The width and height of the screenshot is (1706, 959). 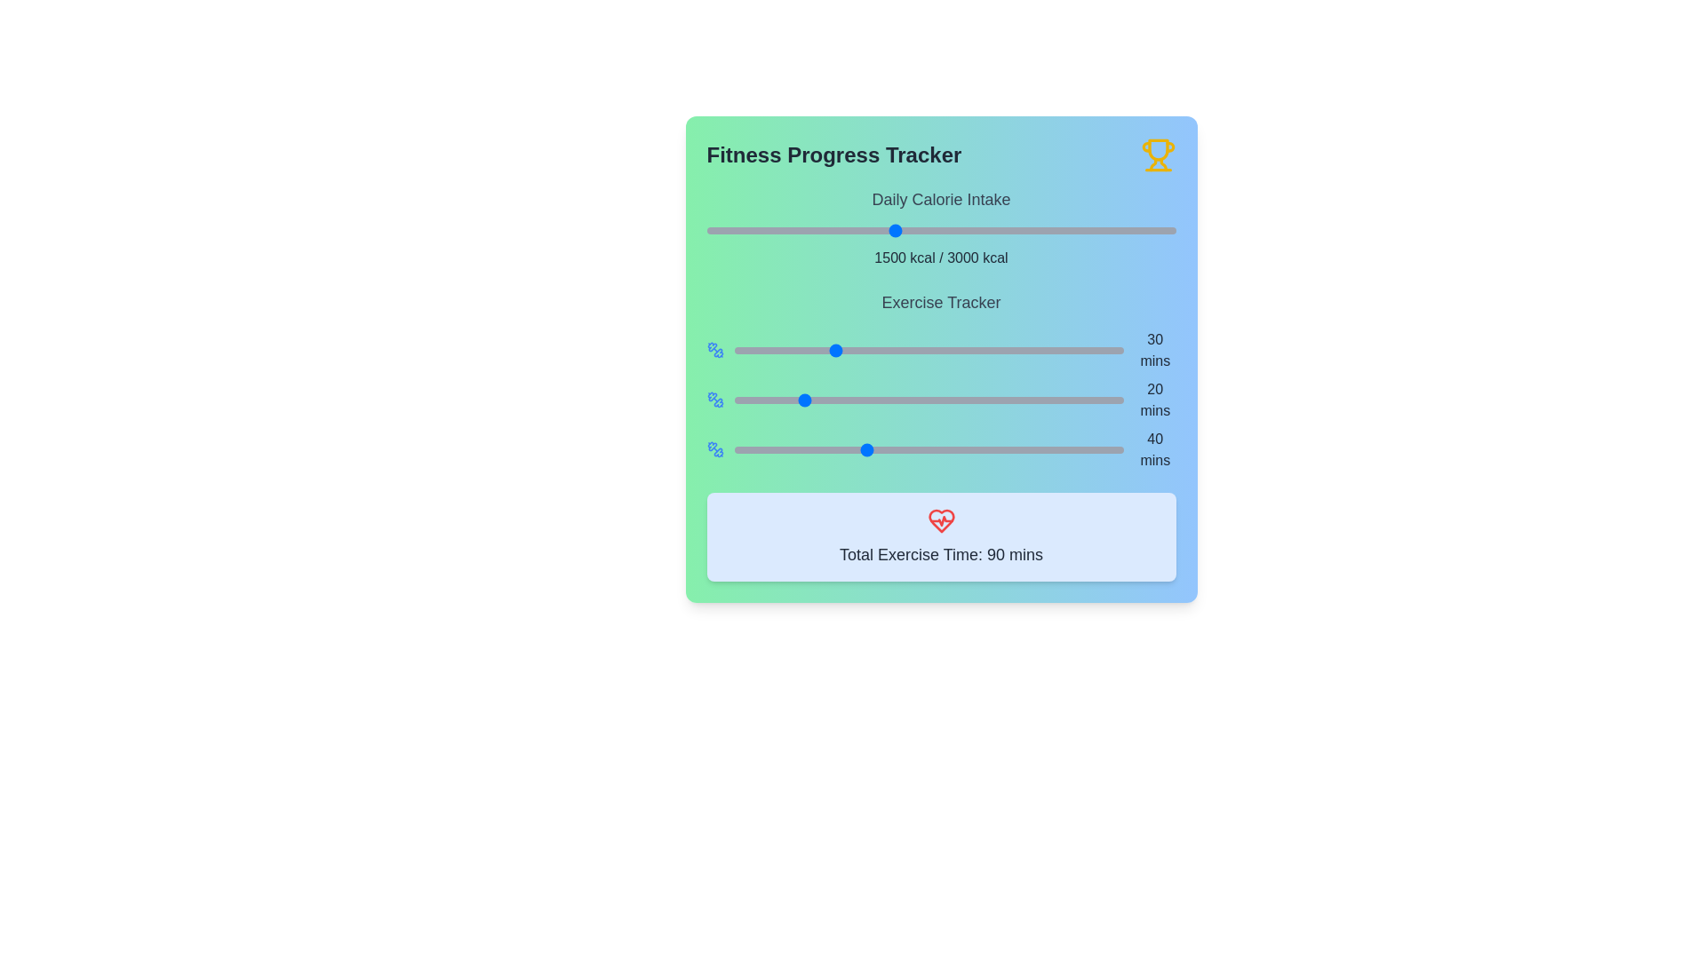 I want to click on the progress bars in the 'Exercise Tracker' section, so click(x=940, y=379).